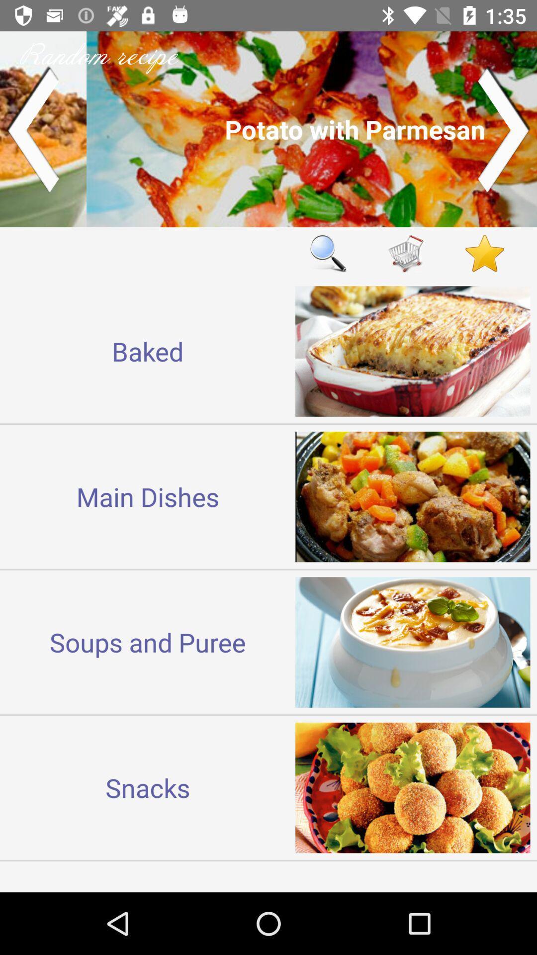 Image resolution: width=537 pixels, height=955 pixels. What do you see at coordinates (484, 253) in the screenshot?
I see `show favorites` at bounding box center [484, 253].